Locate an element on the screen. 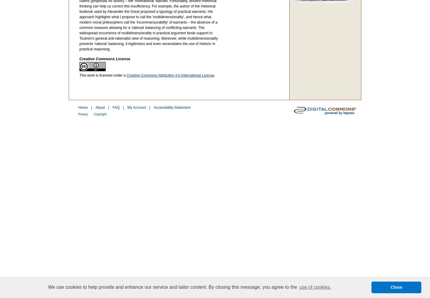  'Copyright' is located at coordinates (100, 114).